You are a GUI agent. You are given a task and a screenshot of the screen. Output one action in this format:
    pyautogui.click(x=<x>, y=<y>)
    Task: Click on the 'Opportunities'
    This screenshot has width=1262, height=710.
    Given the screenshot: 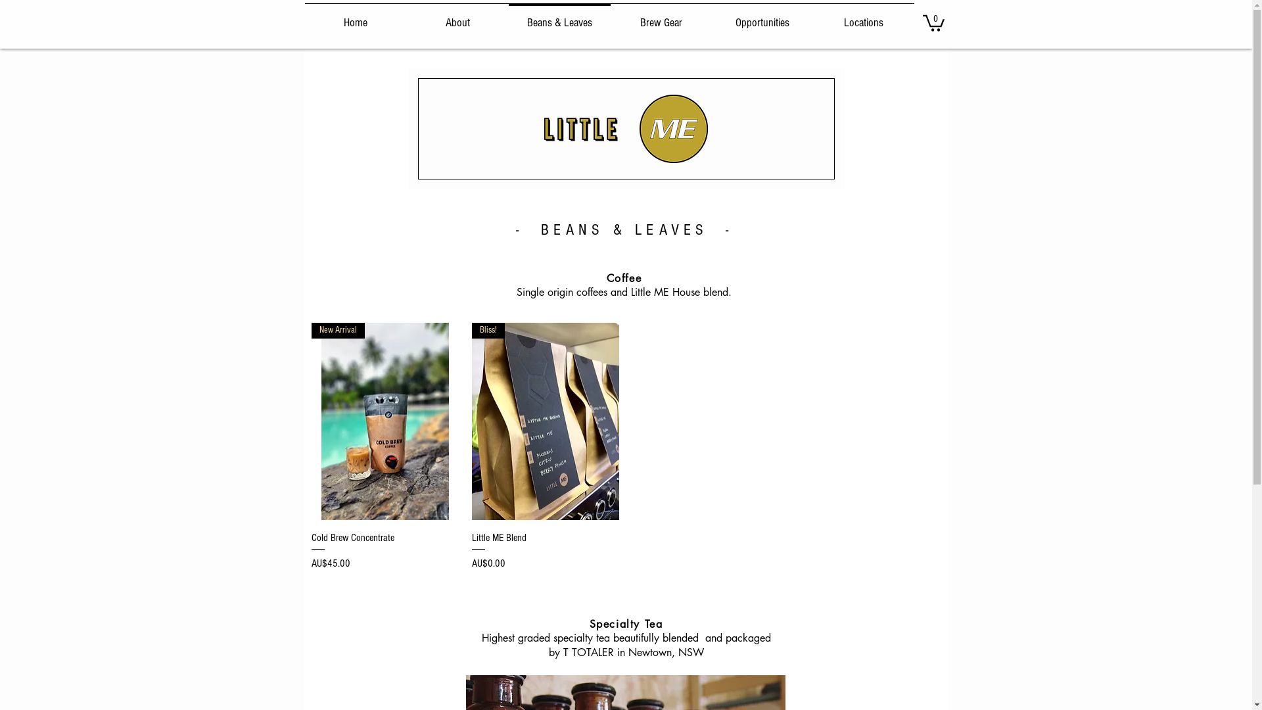 What is the action you would take?
    pyautogui.click(x=710, y=17)
    